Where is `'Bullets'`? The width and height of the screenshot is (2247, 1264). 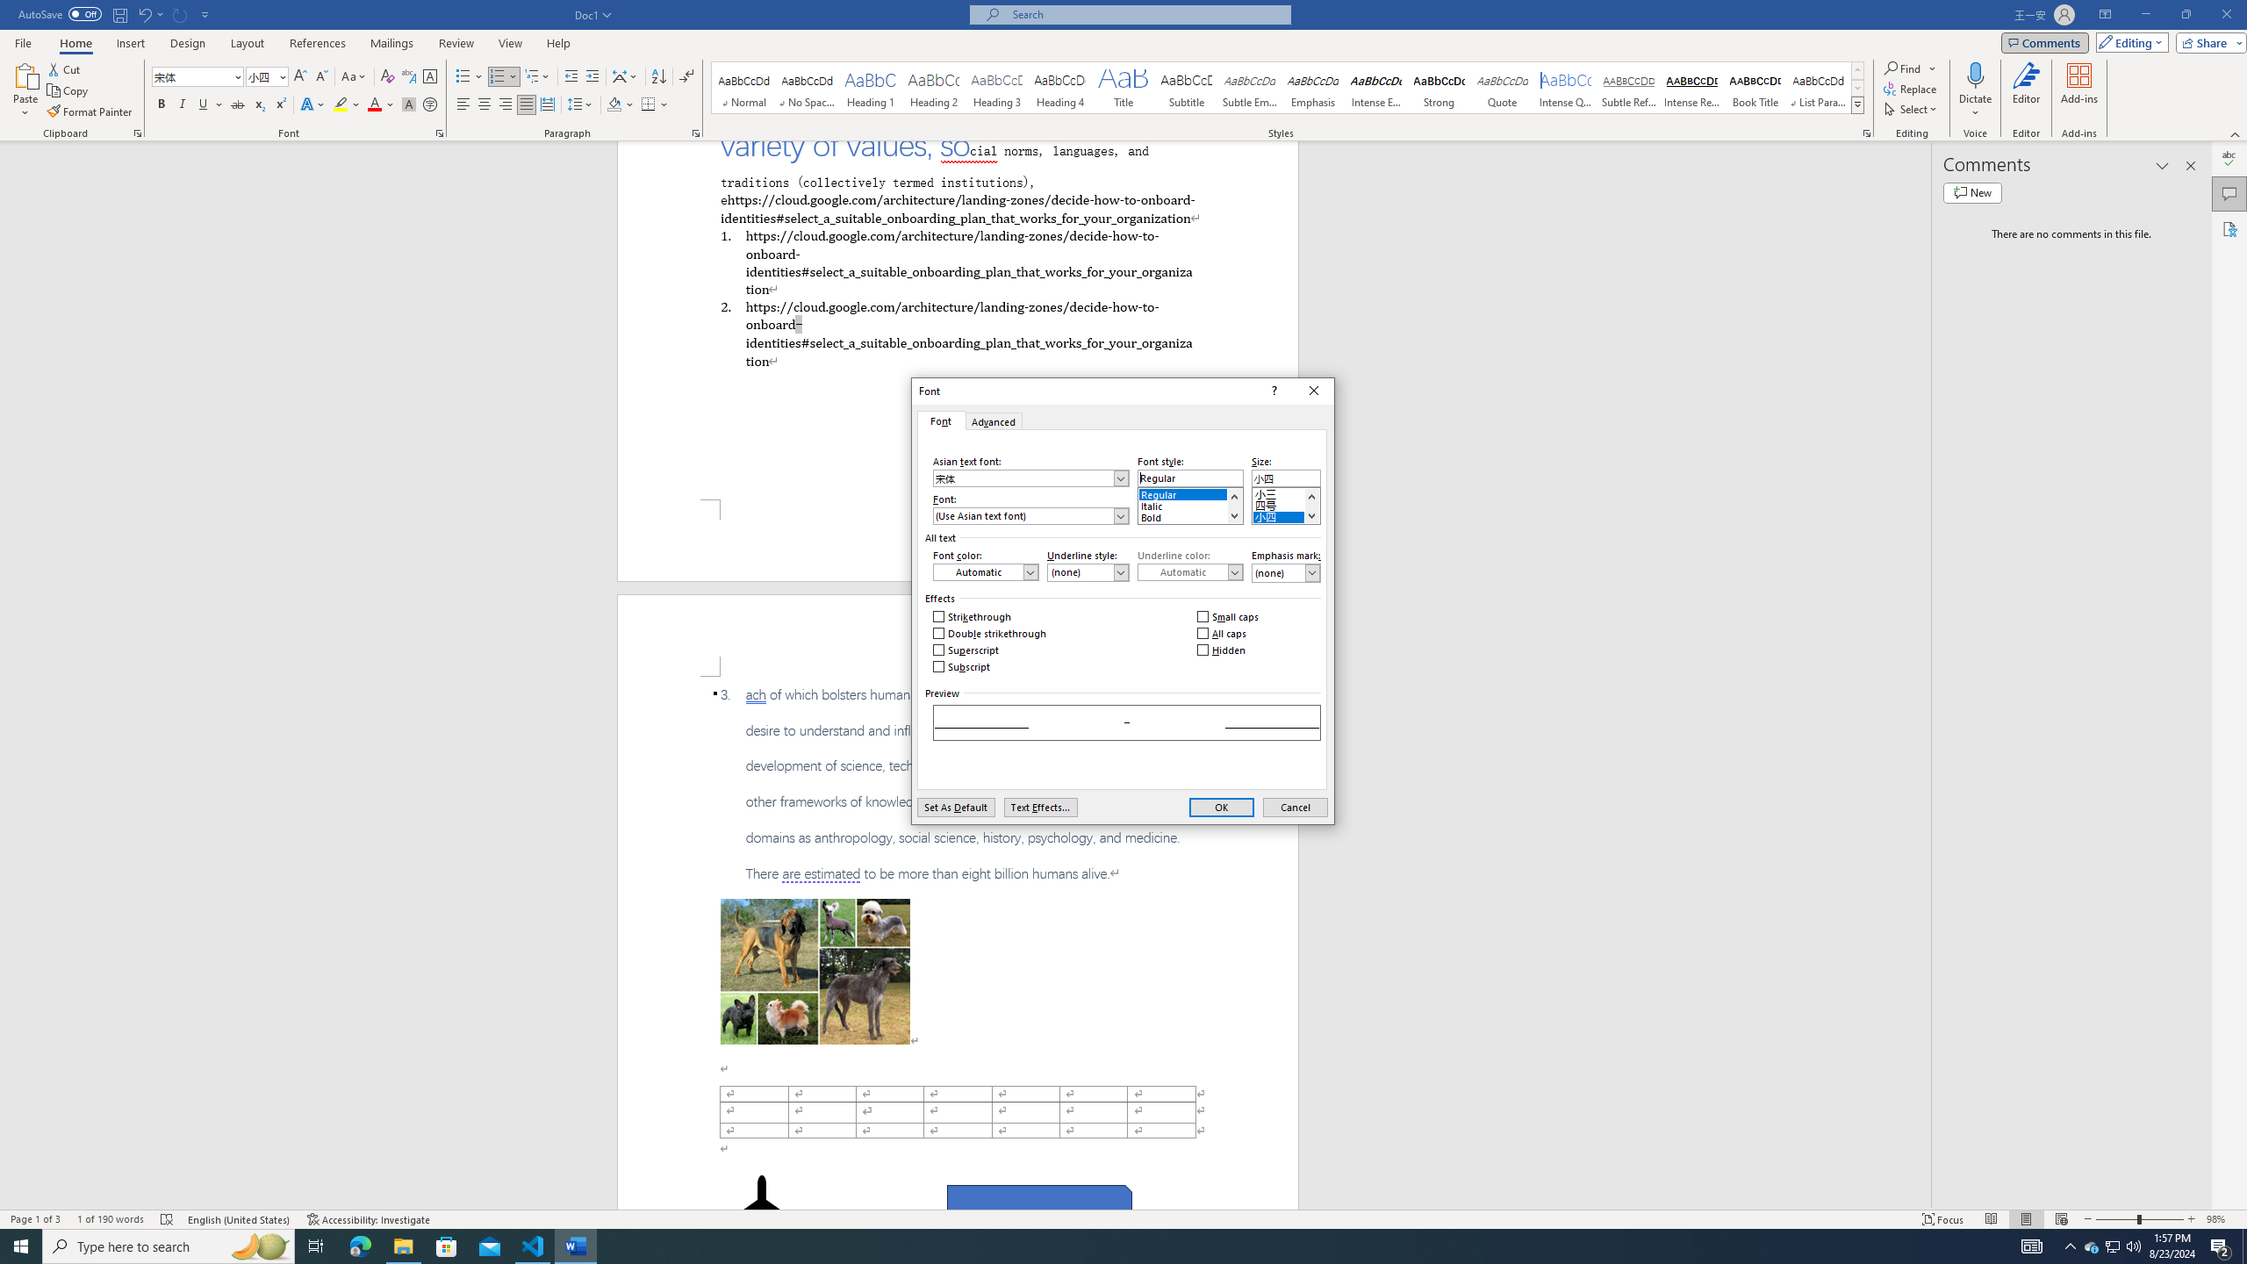
'Bullets' is located at coordinates (463, 76).